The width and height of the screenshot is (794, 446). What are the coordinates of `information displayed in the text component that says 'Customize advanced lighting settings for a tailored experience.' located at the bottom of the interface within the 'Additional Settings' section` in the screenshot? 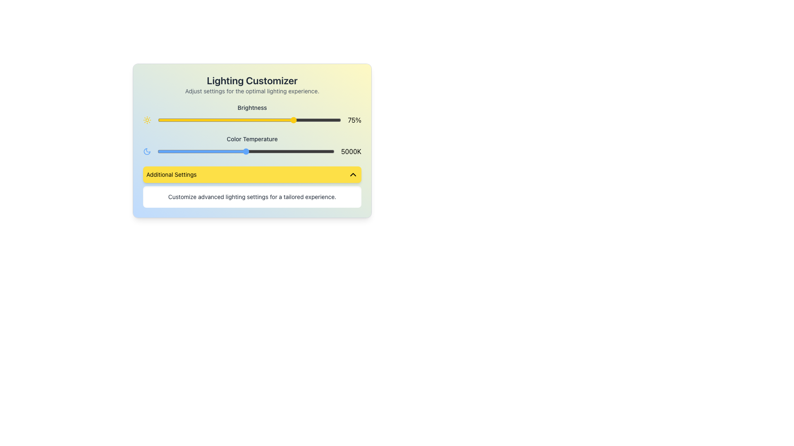 It's located at (251, 197).